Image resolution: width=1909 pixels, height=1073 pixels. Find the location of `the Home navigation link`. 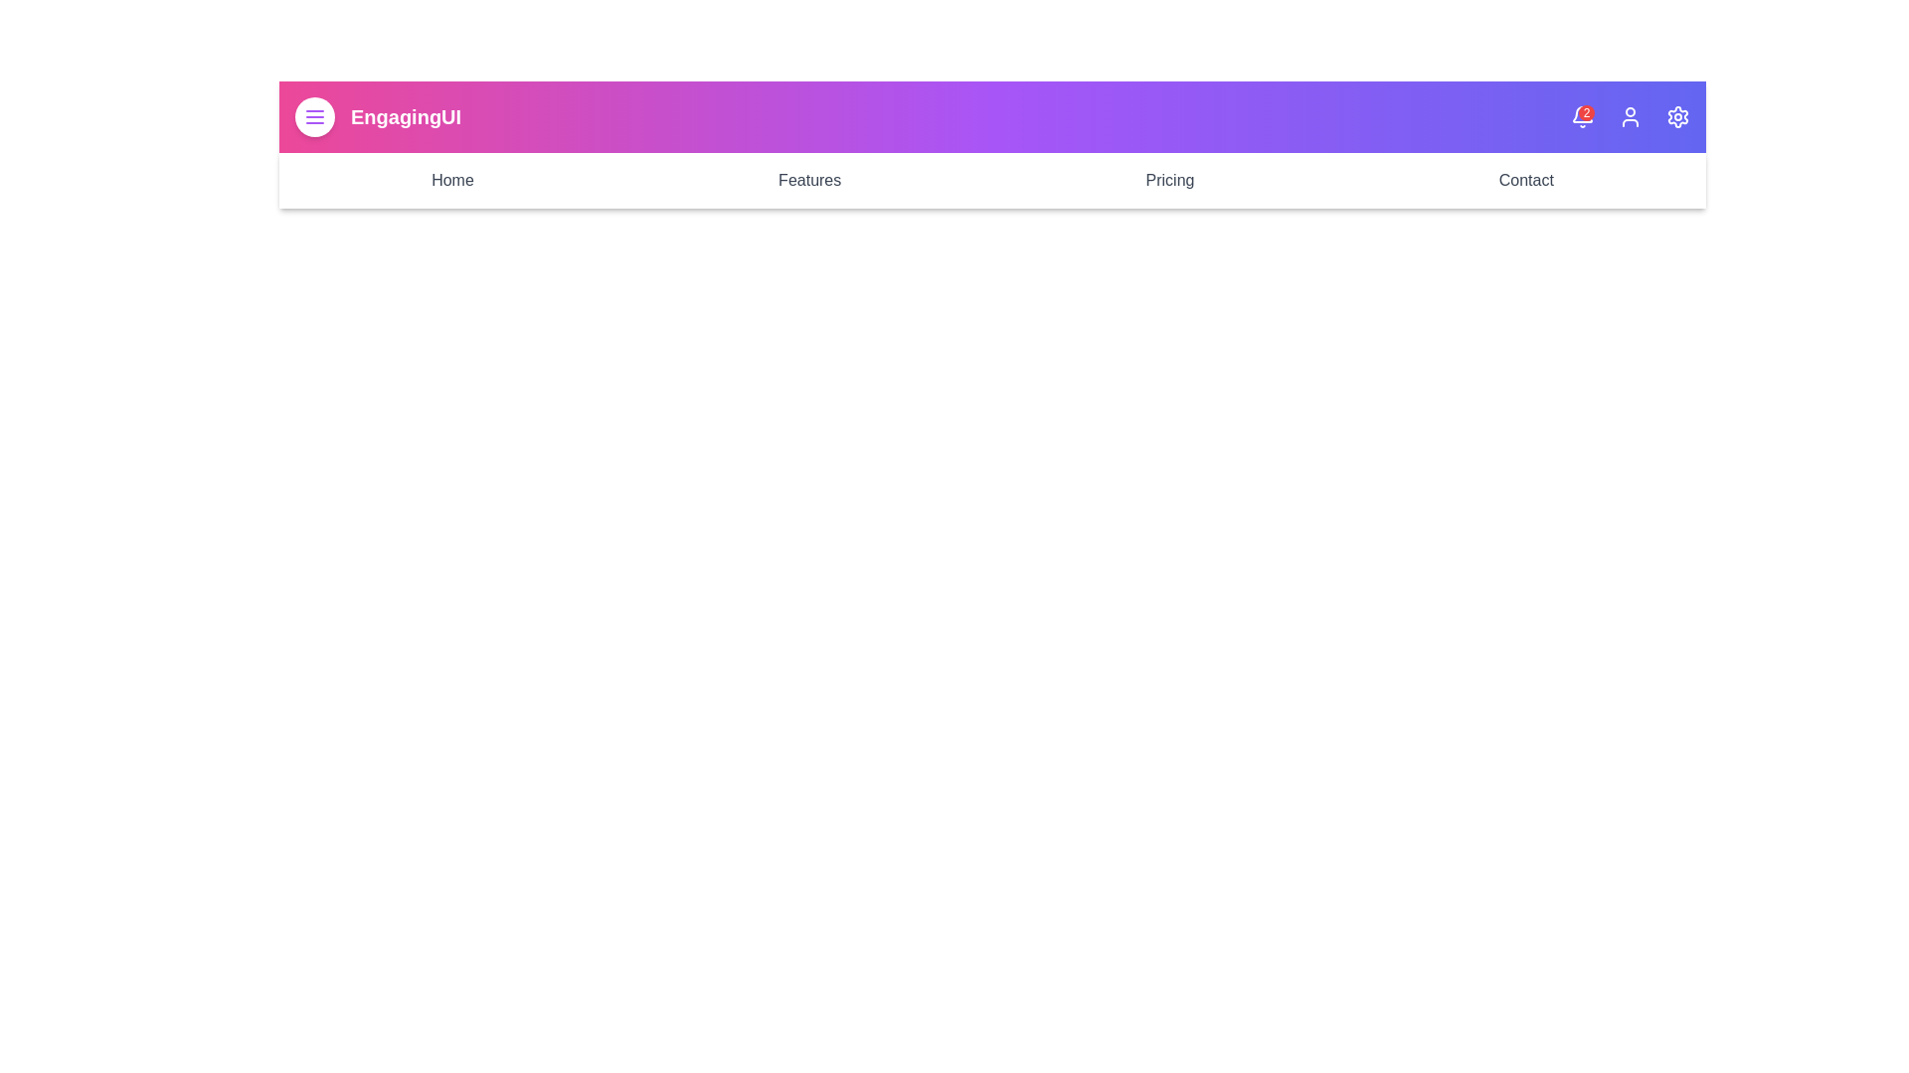

the Home navigation link is located at coordinates (451, 180).